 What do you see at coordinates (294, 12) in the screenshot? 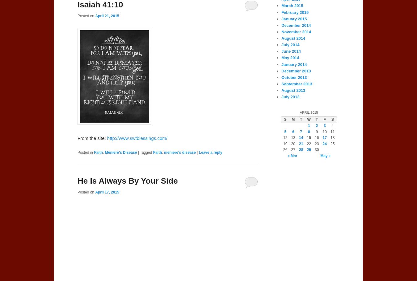
I see `'February 2015'` at bounding box center [294, 12].